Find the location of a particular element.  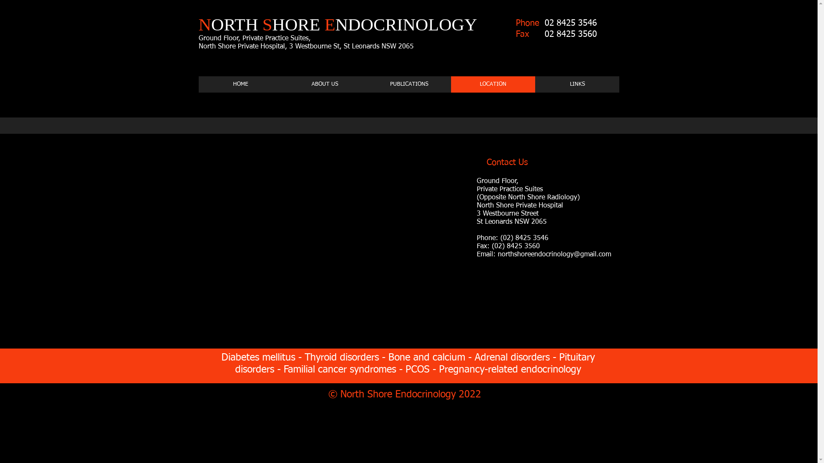

'HOME' is located at coordinates (240, 84).